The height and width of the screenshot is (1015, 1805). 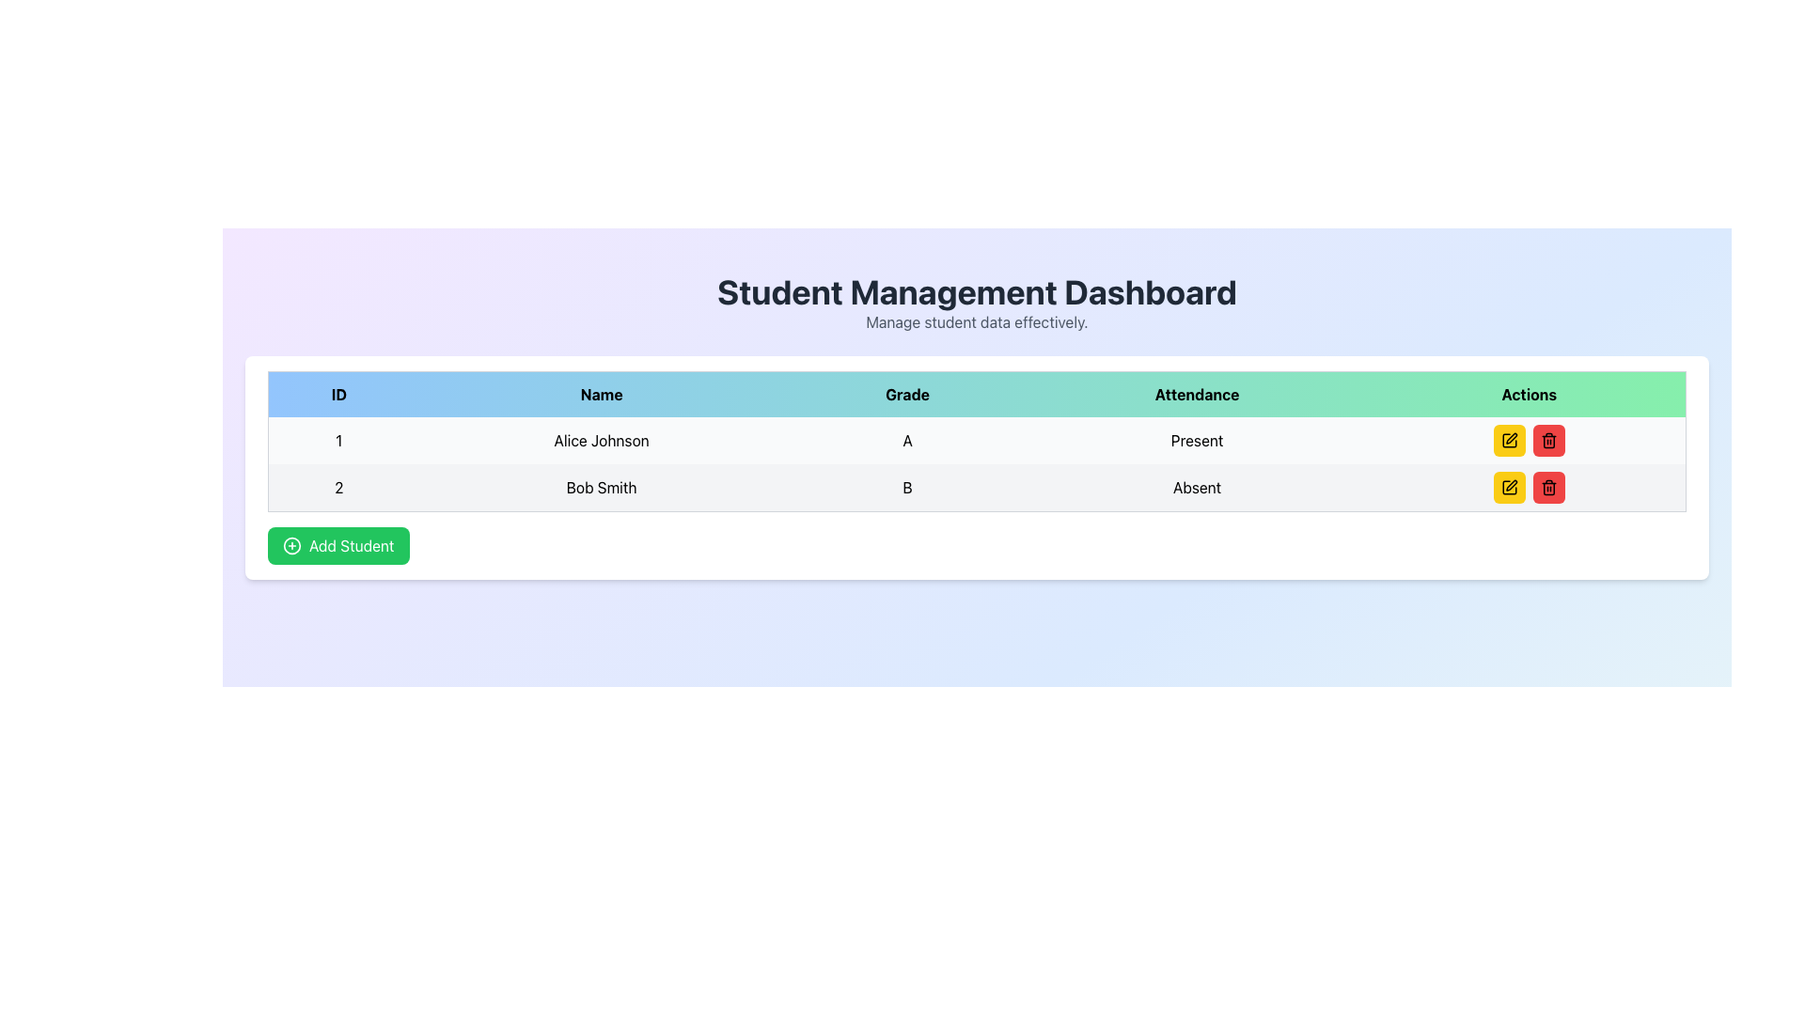 What do you see at coordinates (1548, 441) in the screenshot?
I see `the 'delete' button located in the 'Actions' column of the second row of the table, aligned with the entry for 'Bob Smith'` at bounding box center [1548, 441].